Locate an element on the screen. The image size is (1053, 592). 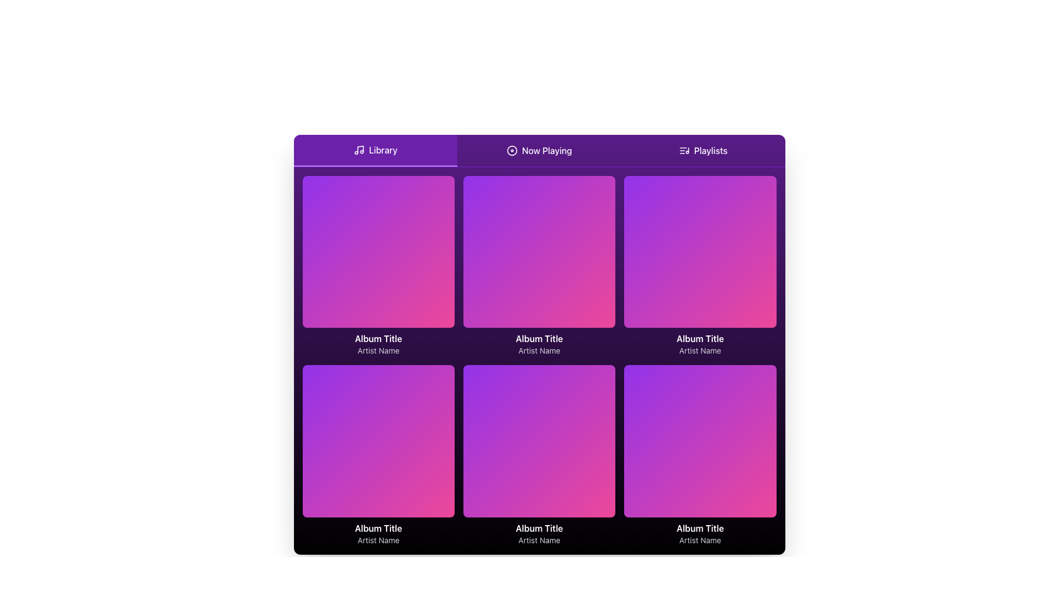
album title displayed as 'Album Title' in bold text, located in the center column of the bottom row in a dark-themed grid layout is located at coordinates (539, 527).